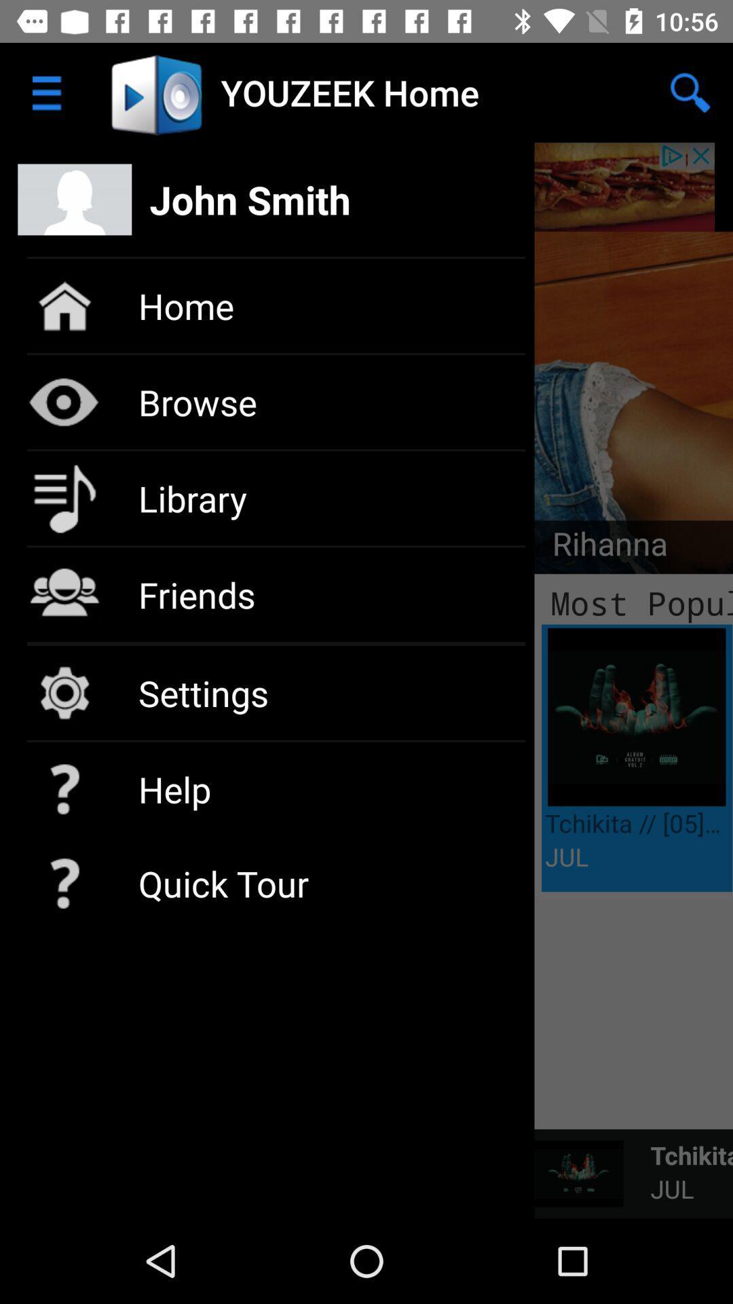  I want to click on icon to the right of the library icon, so click(600, 547).